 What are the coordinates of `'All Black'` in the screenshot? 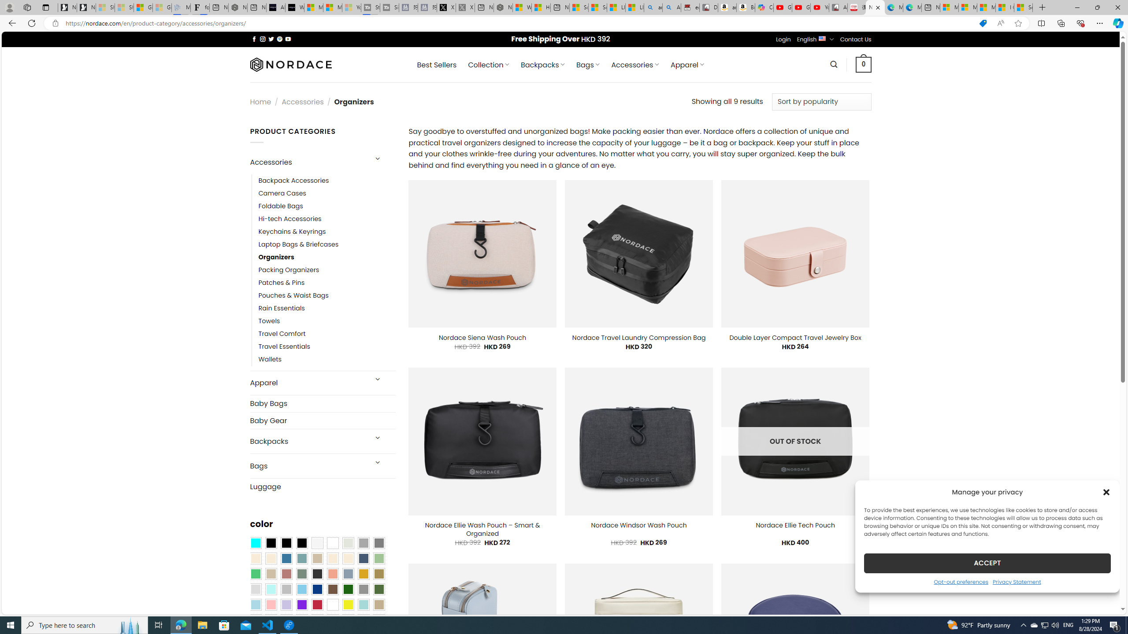 It's located at (270, 543).